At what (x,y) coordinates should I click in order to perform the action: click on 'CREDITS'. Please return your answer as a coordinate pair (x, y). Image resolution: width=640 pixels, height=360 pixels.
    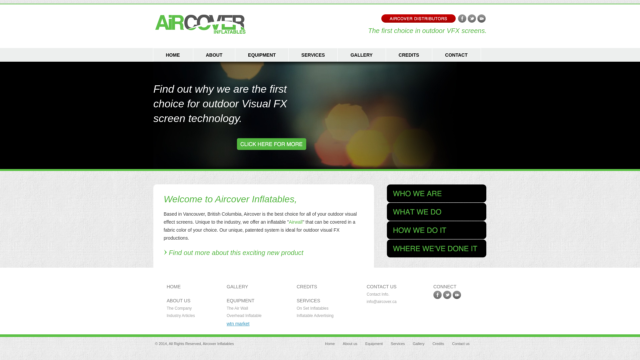
    Looking at the image, I should click on (409, 54).